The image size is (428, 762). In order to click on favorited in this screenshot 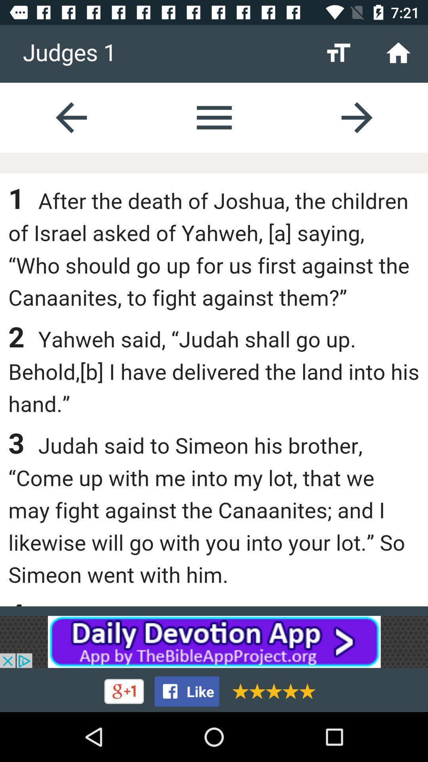, I will do `click(271, 691)`.